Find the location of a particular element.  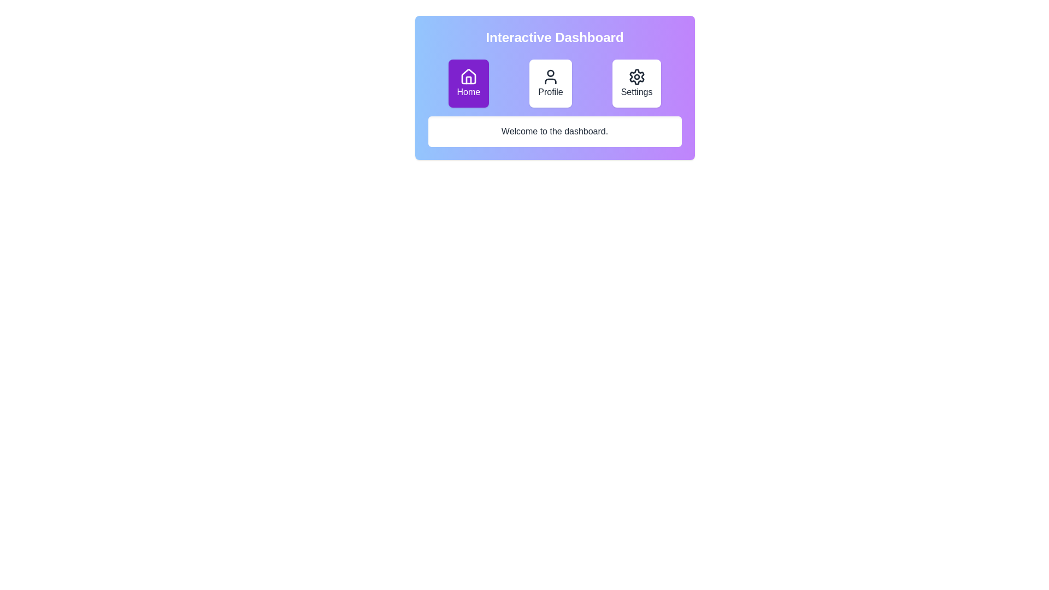

the Home tab by clicking the corresponding button is located at coordinates (468, 83).